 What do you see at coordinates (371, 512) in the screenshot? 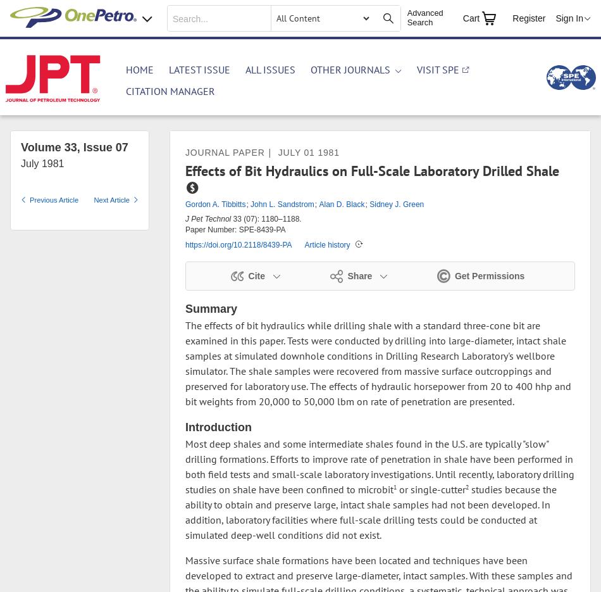
I see `'studies because the ability to obtain and preserve large, intact shale samples had not been developed. In addition, laboratory facilities where full-scale drilling tests could be conducted at simulated deep-well conditions did not exist.'` at bounding box center [371, 512].